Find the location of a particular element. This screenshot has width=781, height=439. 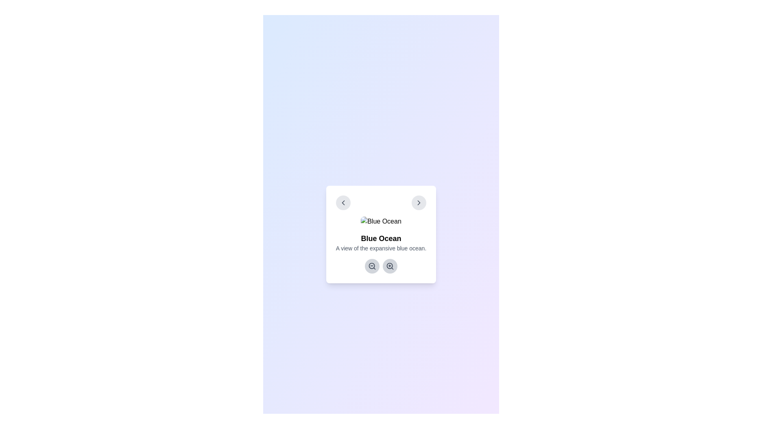

static text element displaying 'A view of the expansive blue ocean.' which is located below the bold title 'Blue Ocean' is located at coordinates (380, 248).